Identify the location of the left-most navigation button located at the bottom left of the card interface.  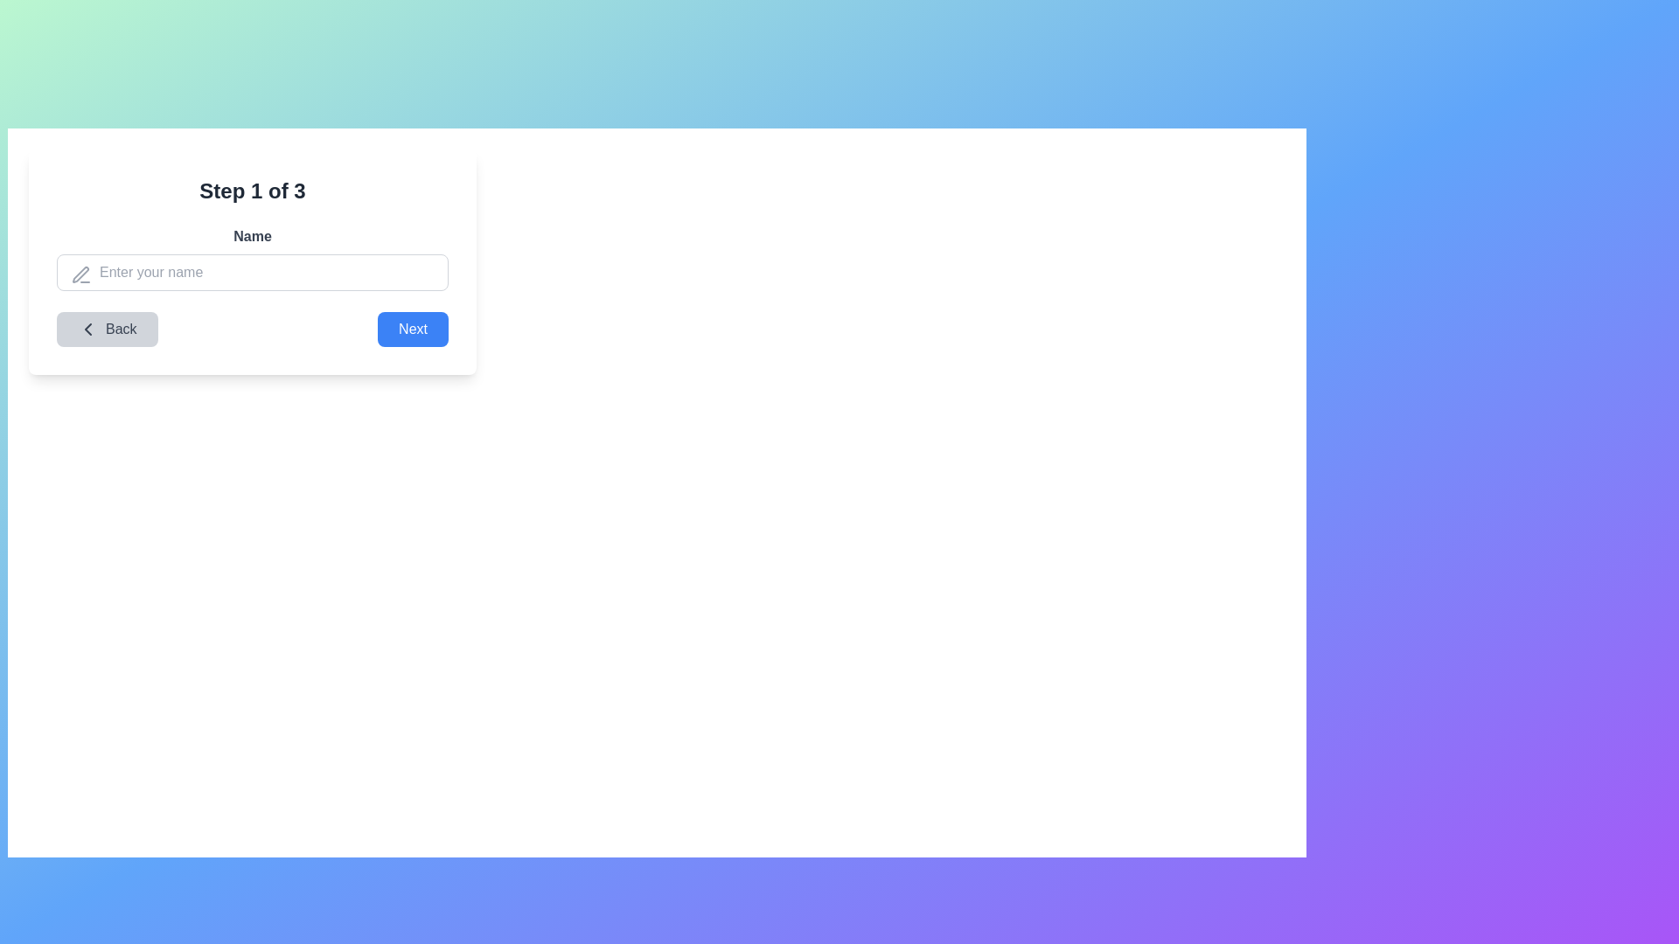
(106, 330).